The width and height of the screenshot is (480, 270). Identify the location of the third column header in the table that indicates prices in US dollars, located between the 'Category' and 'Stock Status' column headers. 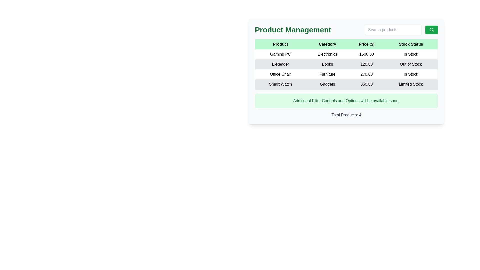
(367, 44).